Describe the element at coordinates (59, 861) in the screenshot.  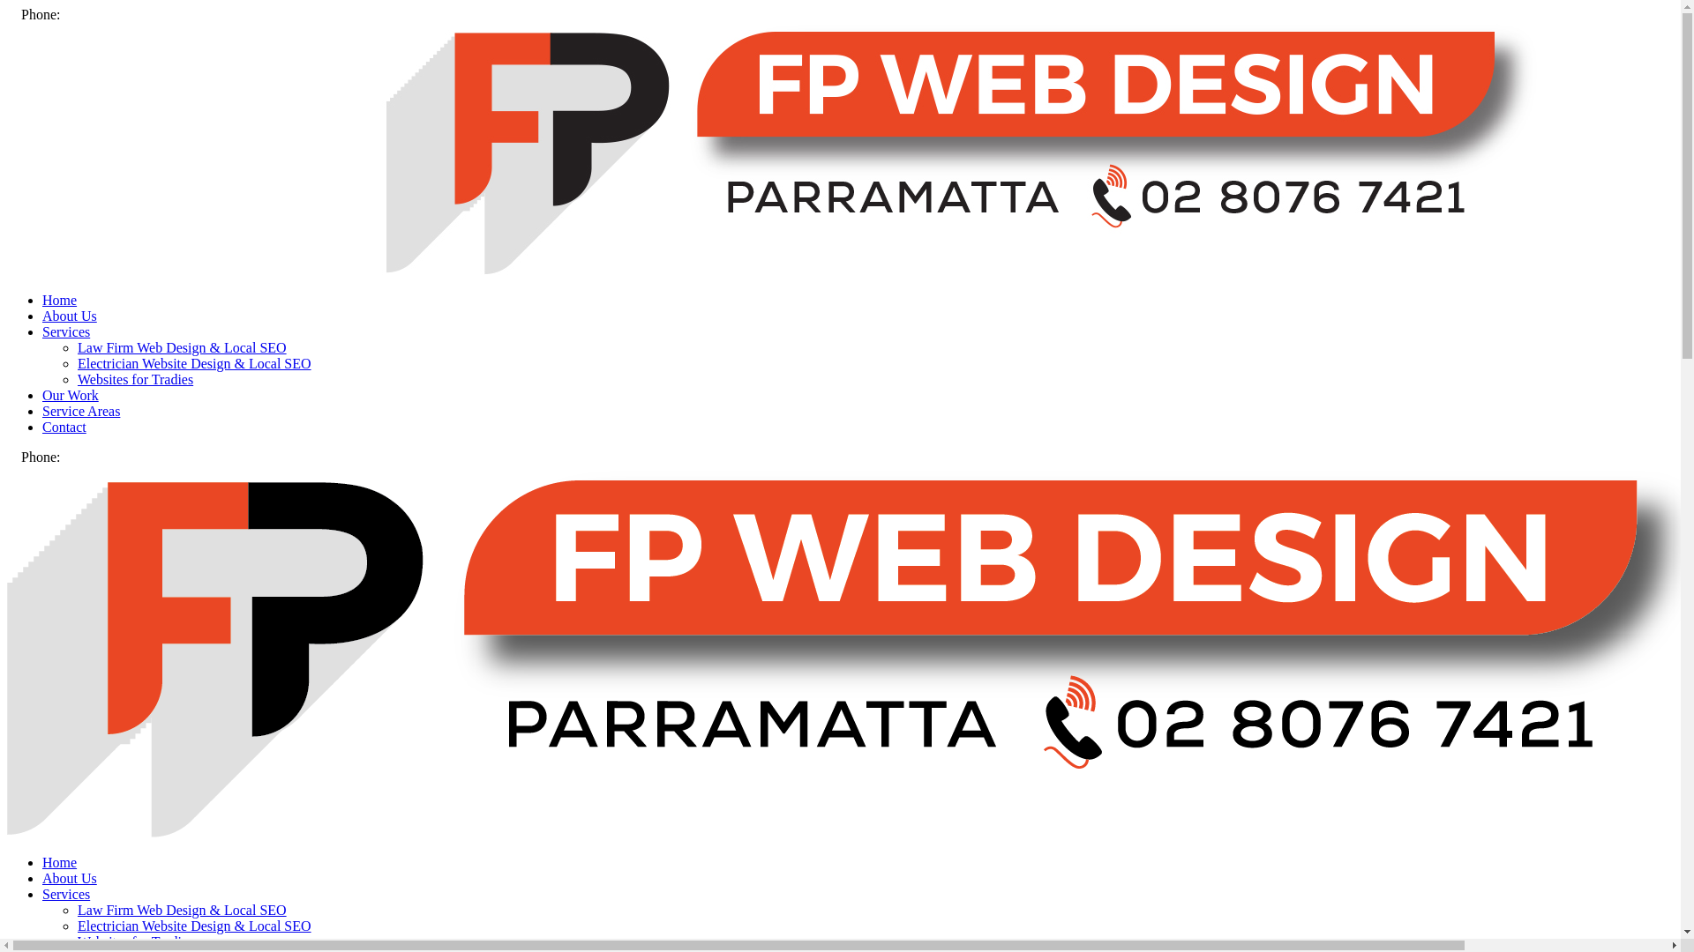
I see `'Home'` at that location.